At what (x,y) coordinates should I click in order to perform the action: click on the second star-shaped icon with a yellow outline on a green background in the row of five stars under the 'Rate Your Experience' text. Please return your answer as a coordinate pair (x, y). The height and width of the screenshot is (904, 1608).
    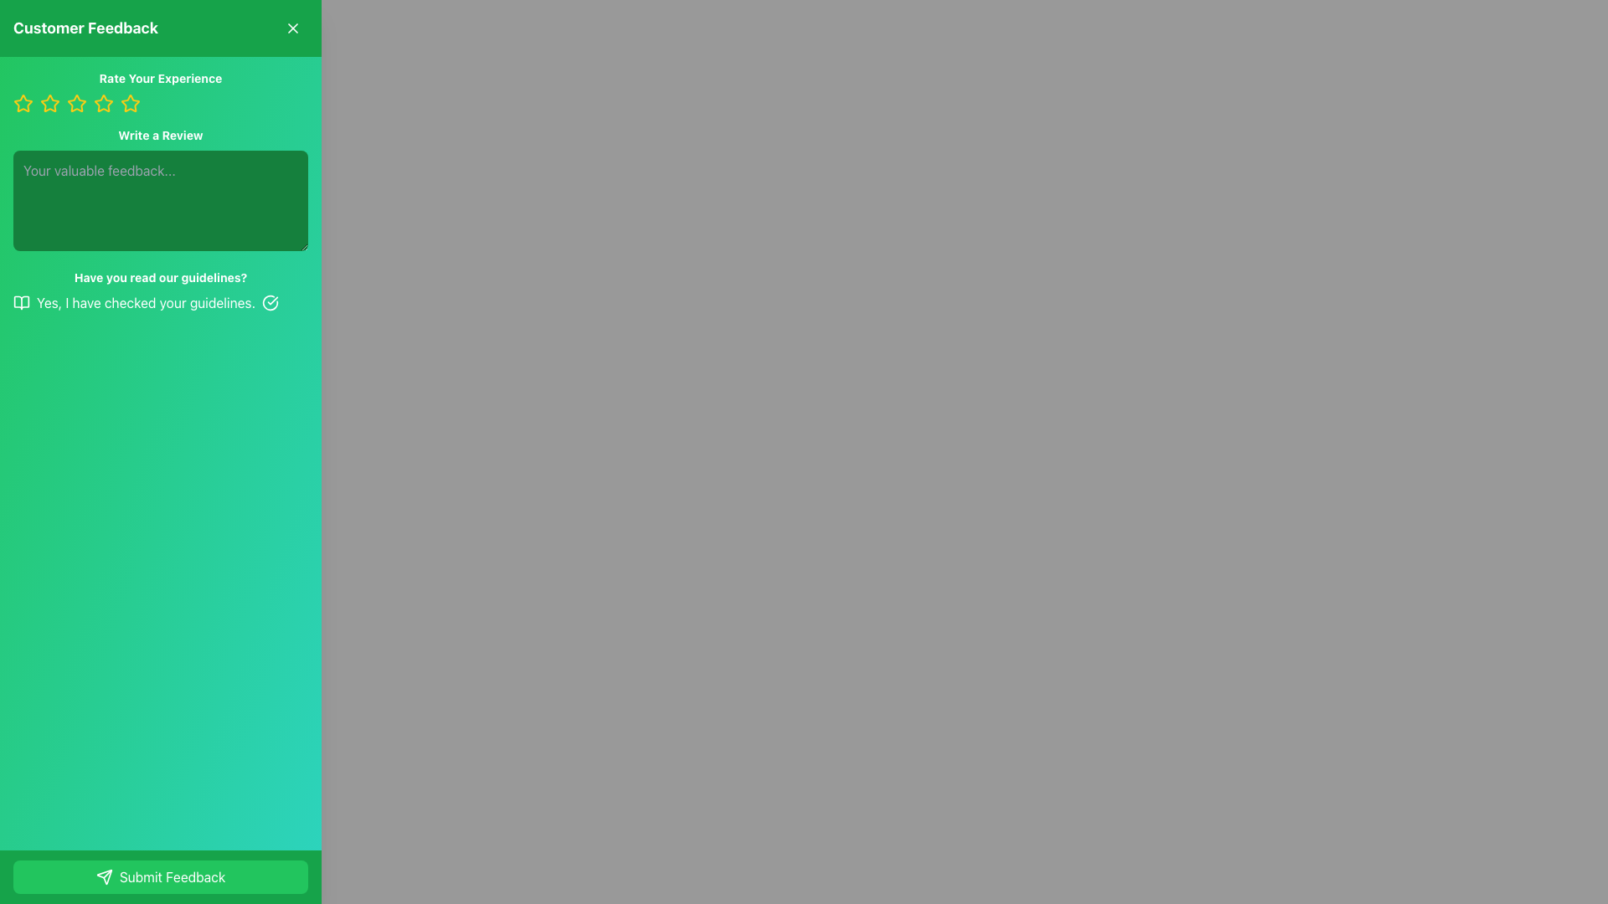
    Looking at the image, I should click on (102, 103).